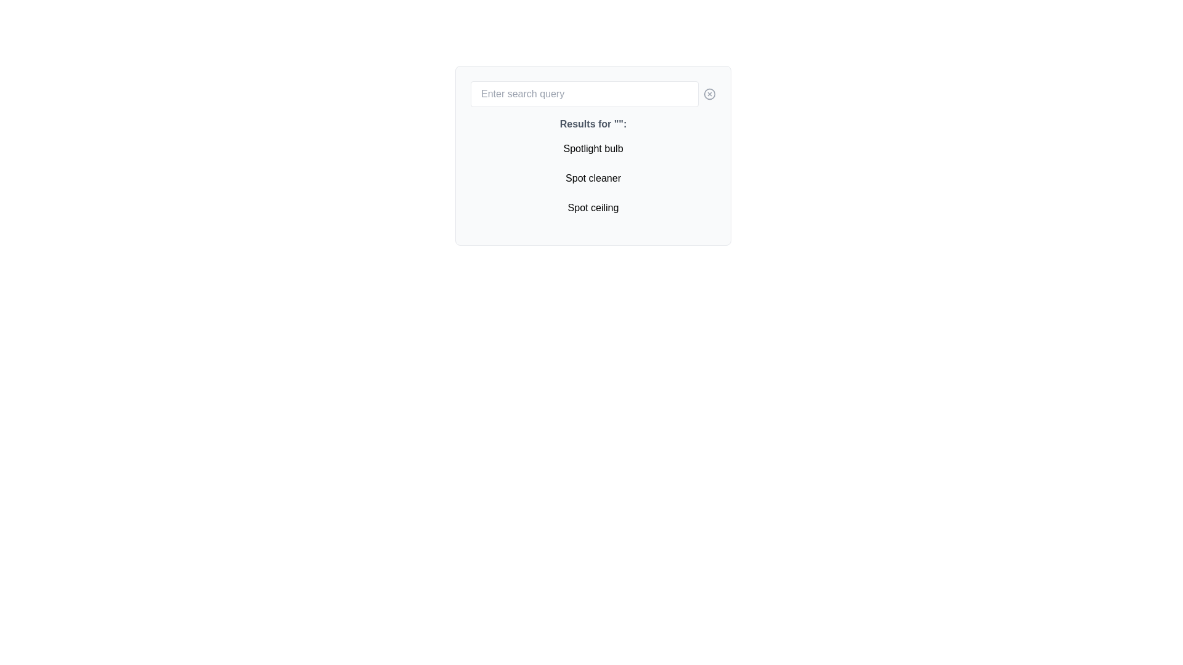  I want to click on the lowercase 'l' letter in the word 'ceiling' within the phrase 'Spot ceiling', which is the eighth letter of the third list item under the heading 'Results for ""', so click(604, 207).